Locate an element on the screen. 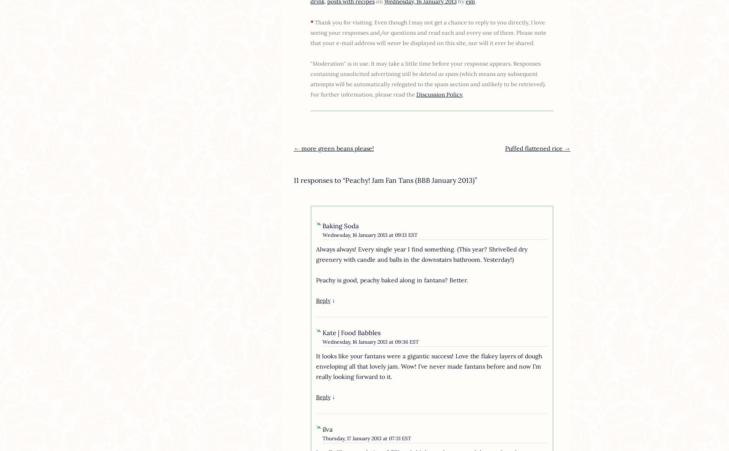  'ilva' is located at coordinates (322, 429).